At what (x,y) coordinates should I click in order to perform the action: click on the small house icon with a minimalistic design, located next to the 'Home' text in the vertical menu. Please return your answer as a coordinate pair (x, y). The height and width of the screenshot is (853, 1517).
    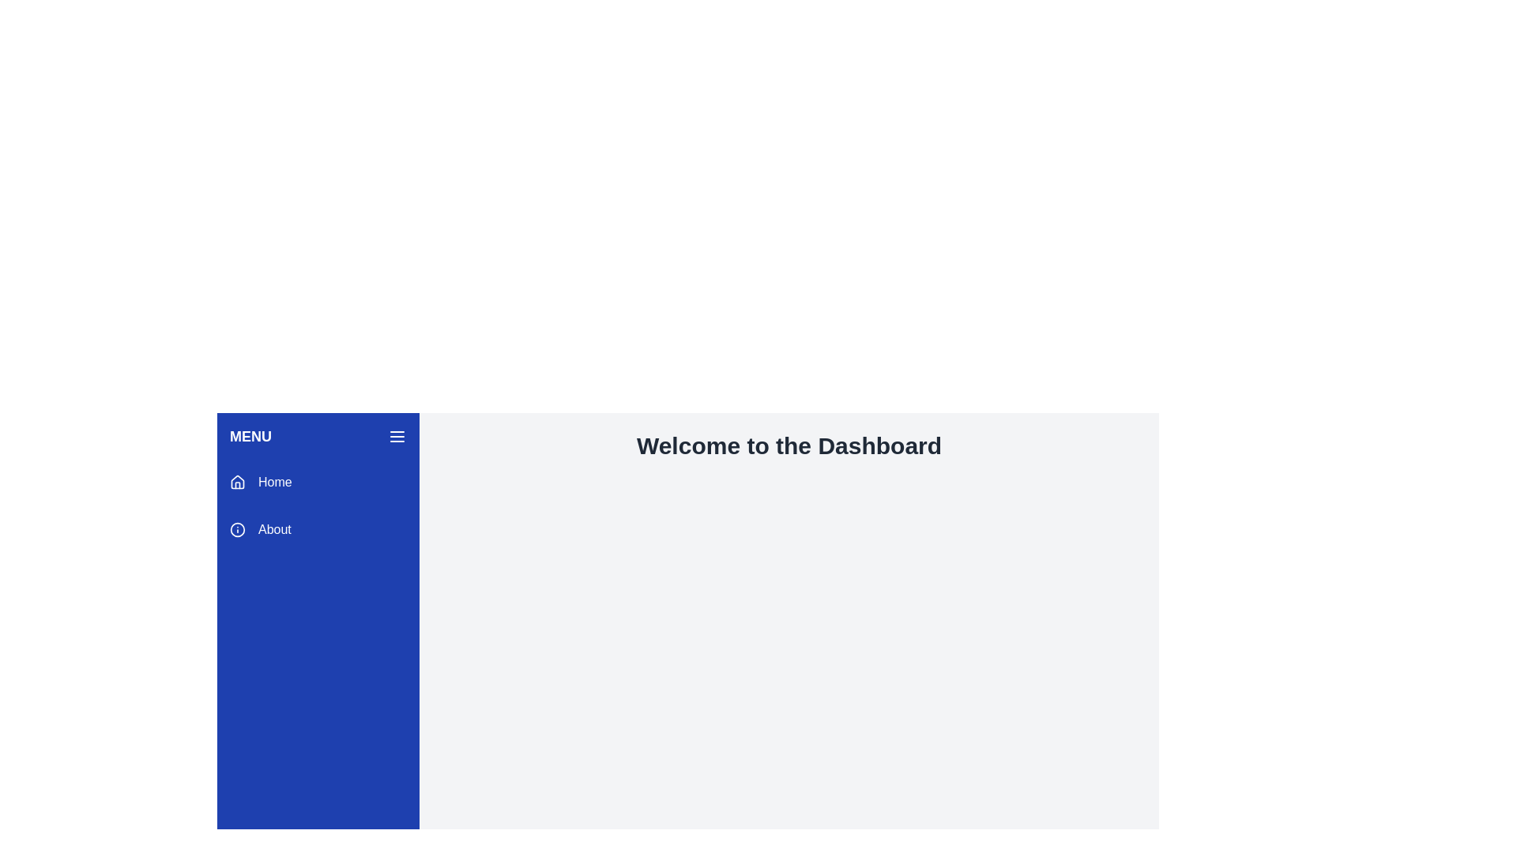
    Looking at the image, I should click on (237, 481).